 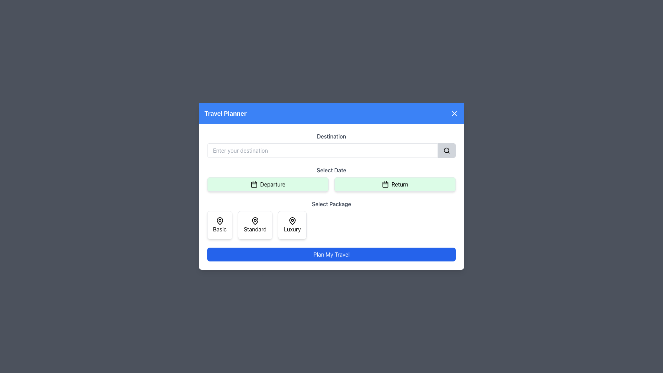 What do you see at coordinates (255, 225) in the screenshot?
I see `the 'Standard' button, which features a white background, a black map pin icon, and changes border color on hover` at bounding box center [255, 225].